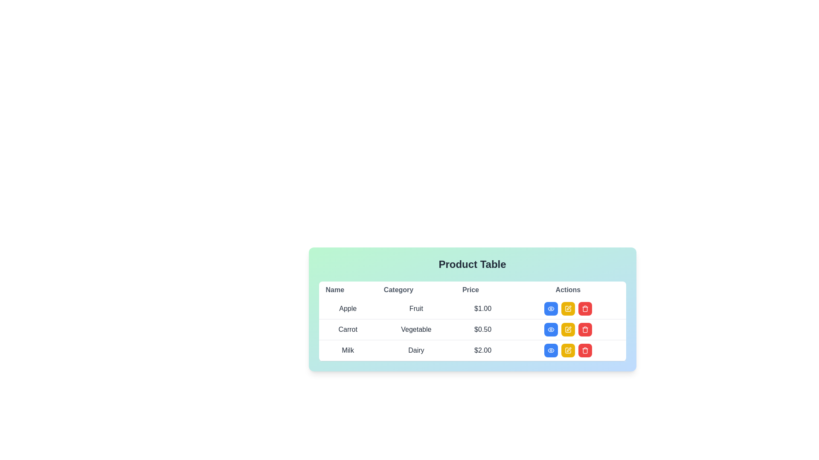  What do you see at coordinates (584, 309) in the screenshot?
I see `the delete button, which is the third button in the action buttons column of the third row in the table` at bounding box center [584, 309].